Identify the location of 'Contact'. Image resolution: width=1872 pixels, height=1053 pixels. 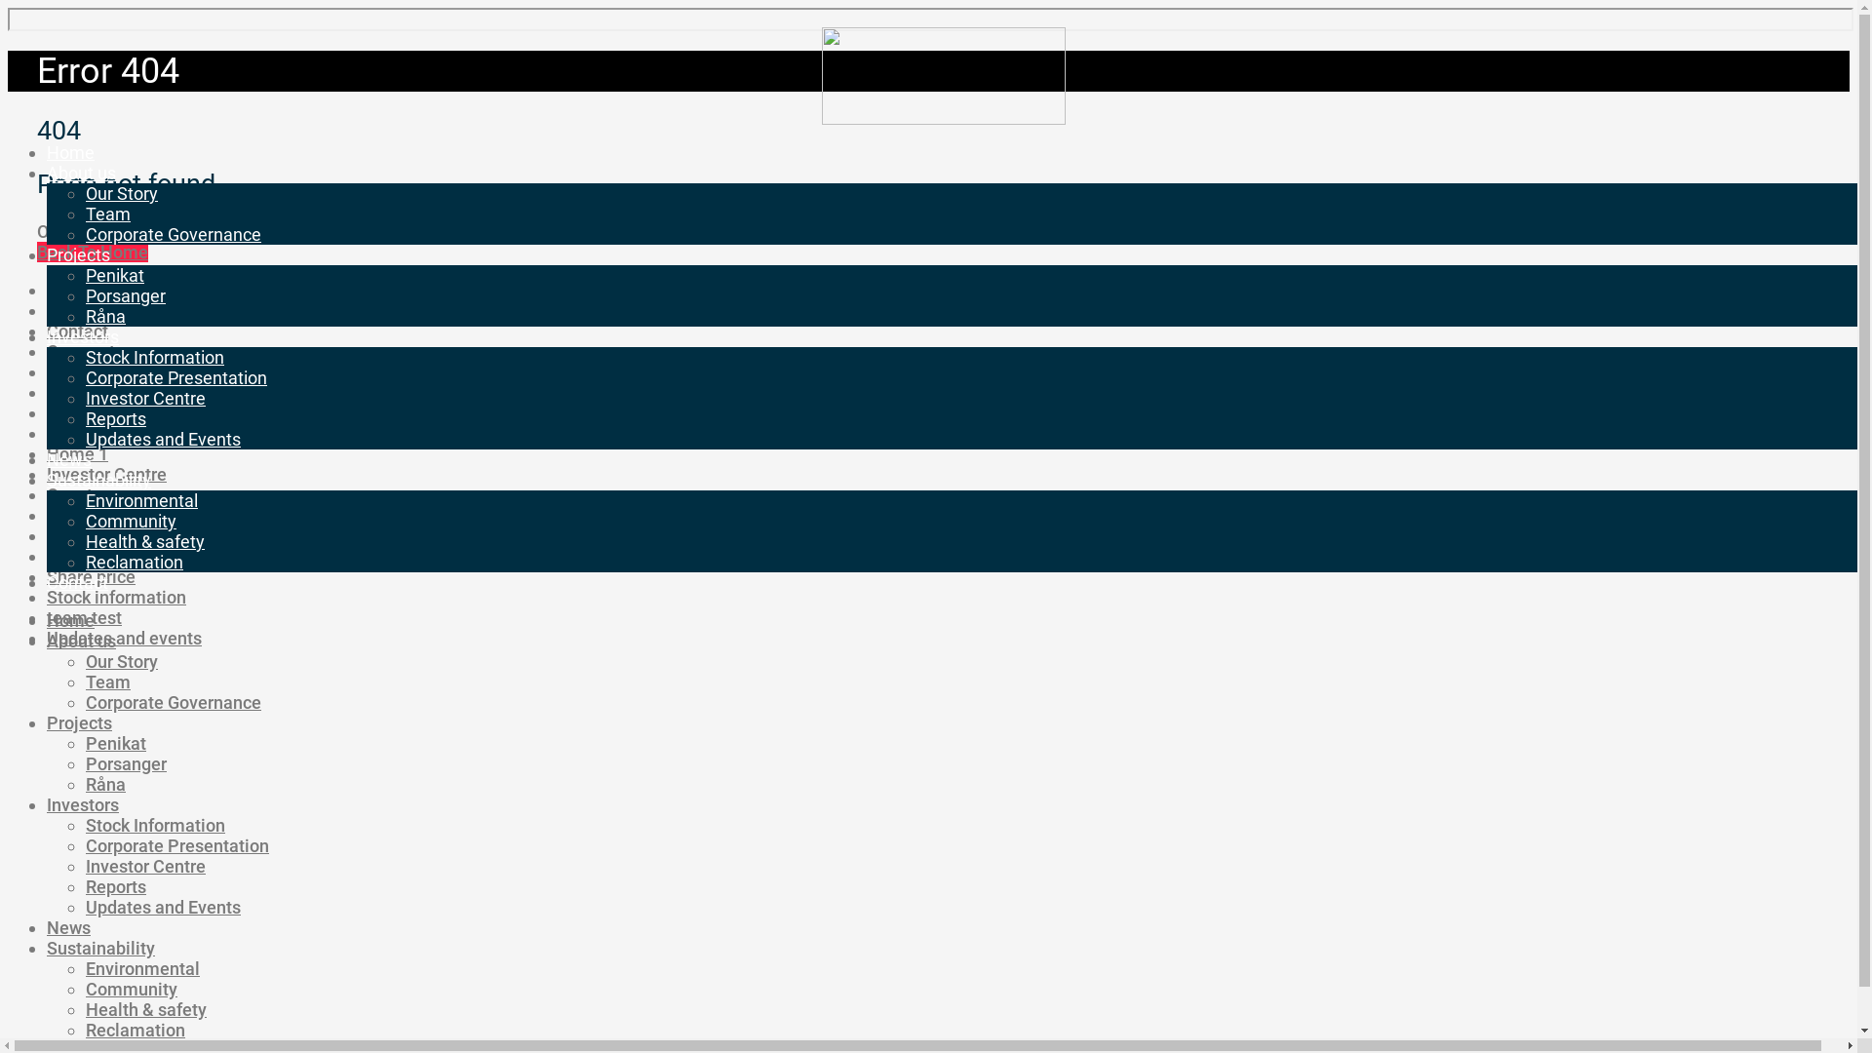
(77, 330).